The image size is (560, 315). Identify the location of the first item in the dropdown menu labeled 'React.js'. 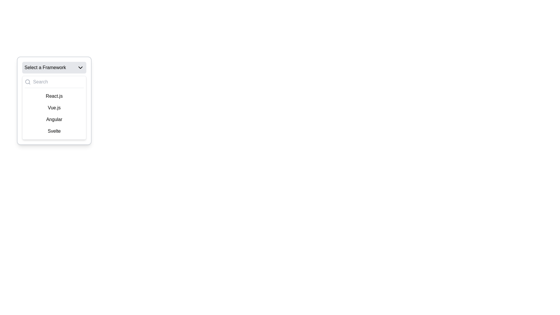
(54, 96).